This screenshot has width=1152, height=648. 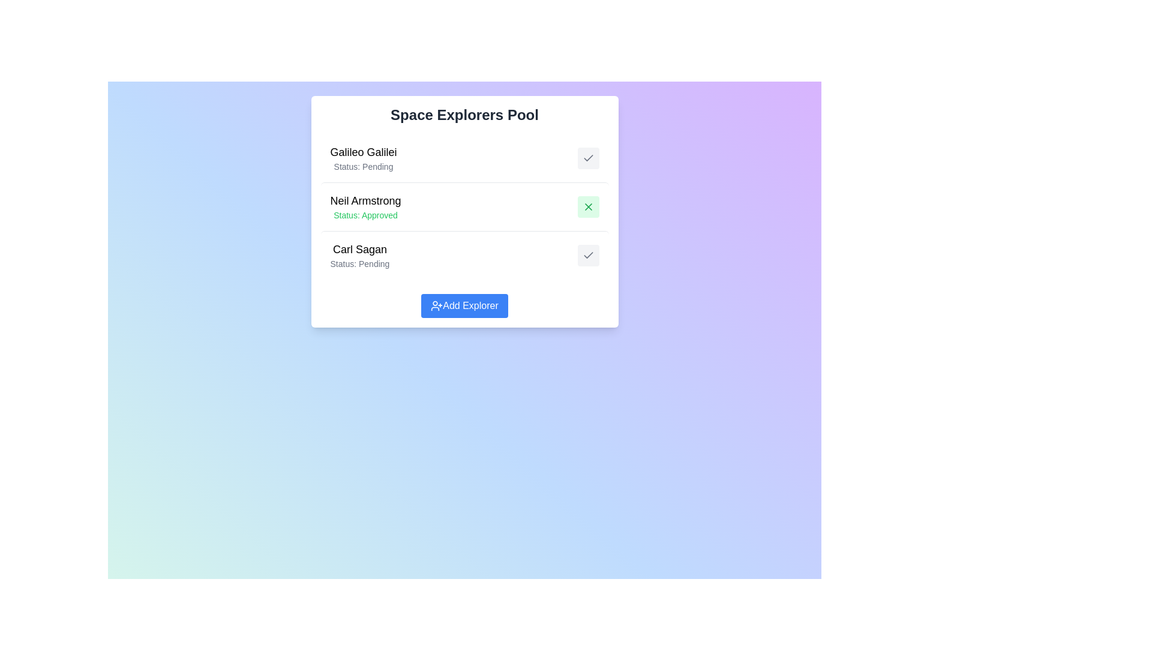 I want to click on the blue 'Add Explorer' button with white text and a user icon on the left, located at the bottom of a white card, so click(x=464, y=305).